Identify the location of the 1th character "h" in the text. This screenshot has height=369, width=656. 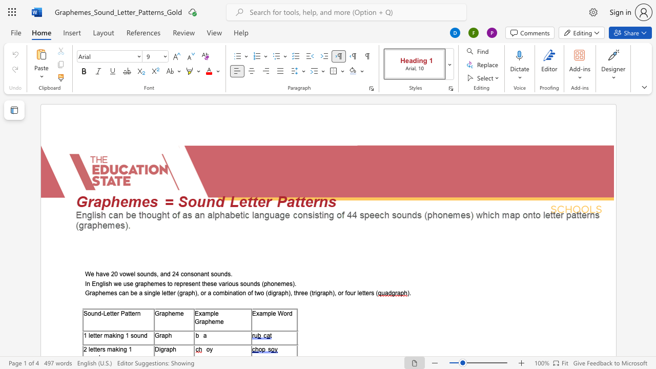
(110, 283).